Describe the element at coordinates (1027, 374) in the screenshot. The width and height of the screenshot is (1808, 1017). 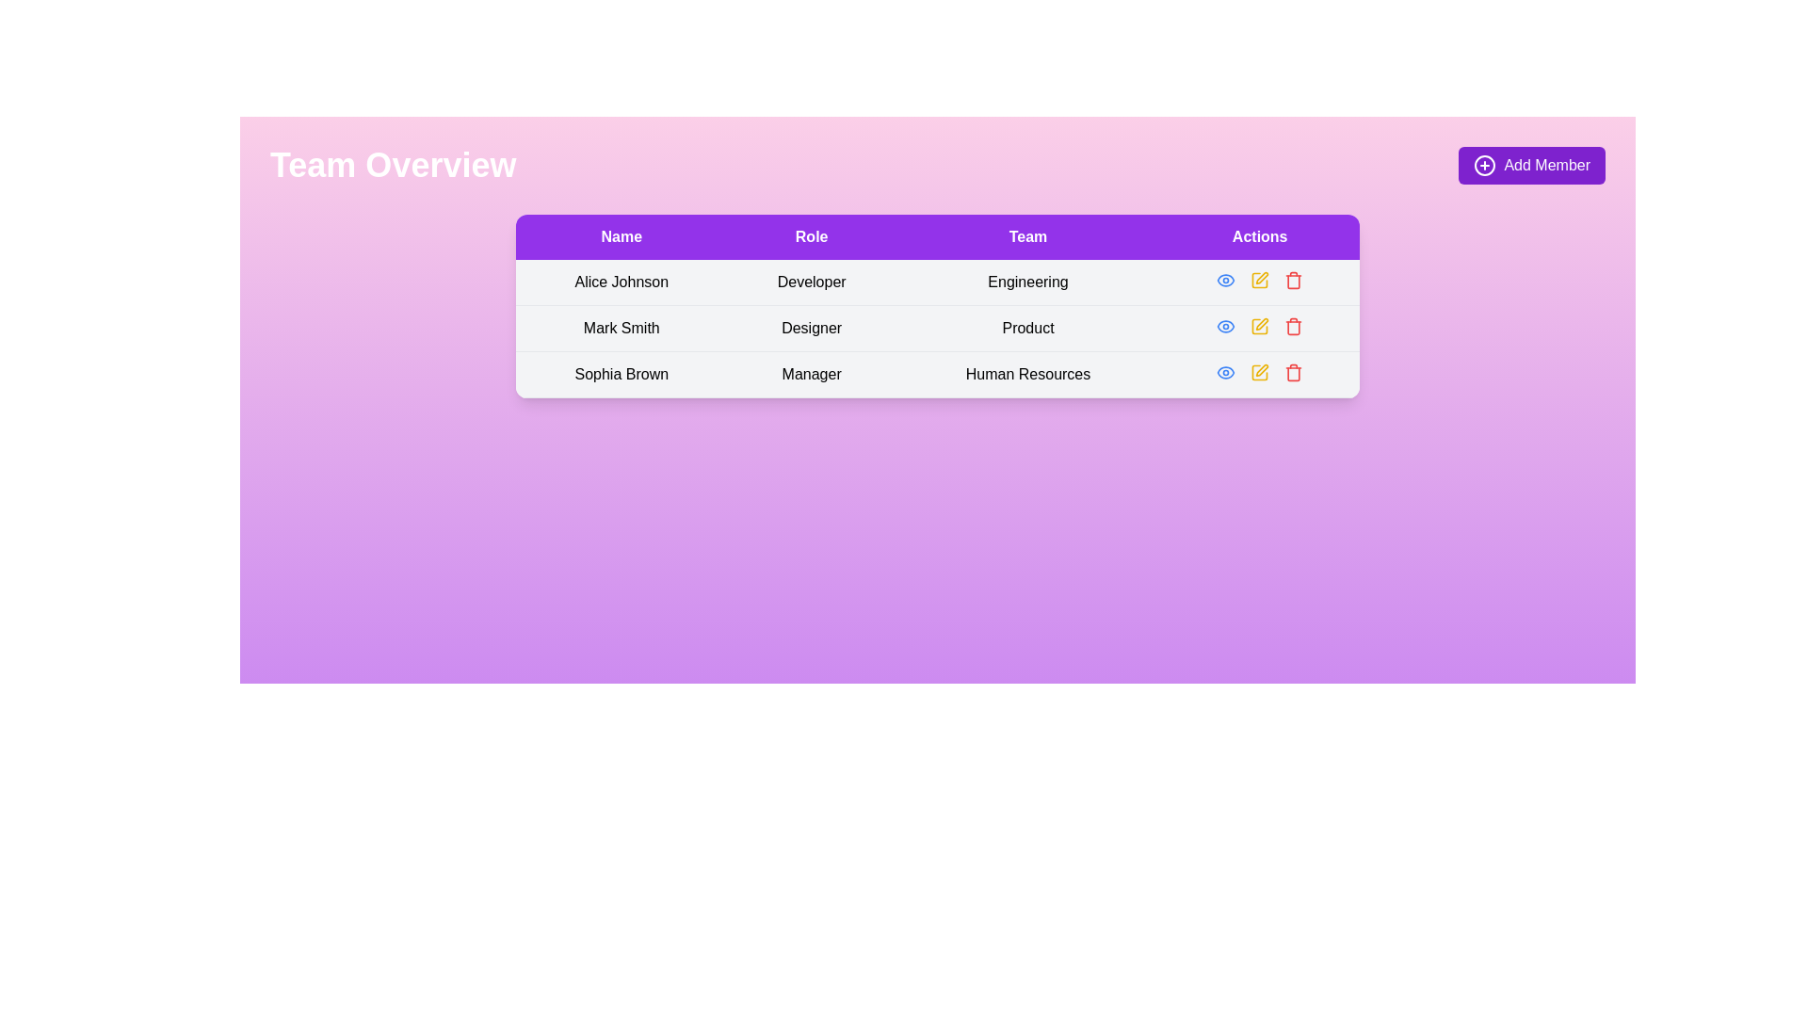
I see `the text content of the Table text cell labeled 'Human Resources' in the third row under the 'Team' column, associated with 'Sophia Brown' and 'Manager'` at that location.